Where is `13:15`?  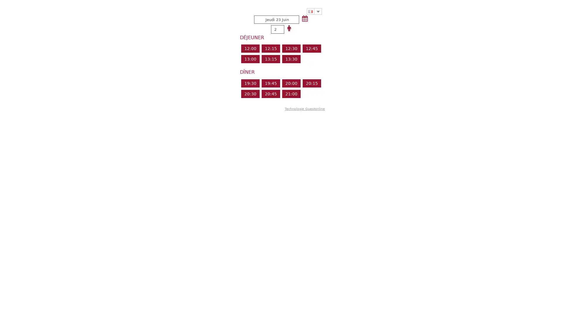 13:15 is located at coordinates (270, 59).